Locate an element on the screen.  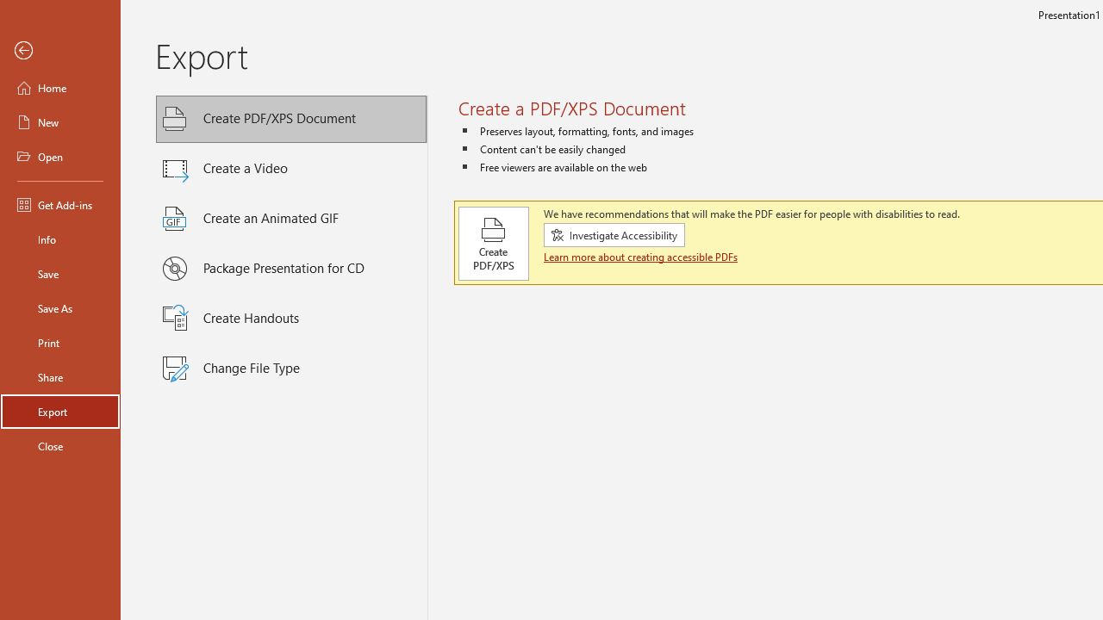
'Create a Video' is located at coordinates (291, 169).